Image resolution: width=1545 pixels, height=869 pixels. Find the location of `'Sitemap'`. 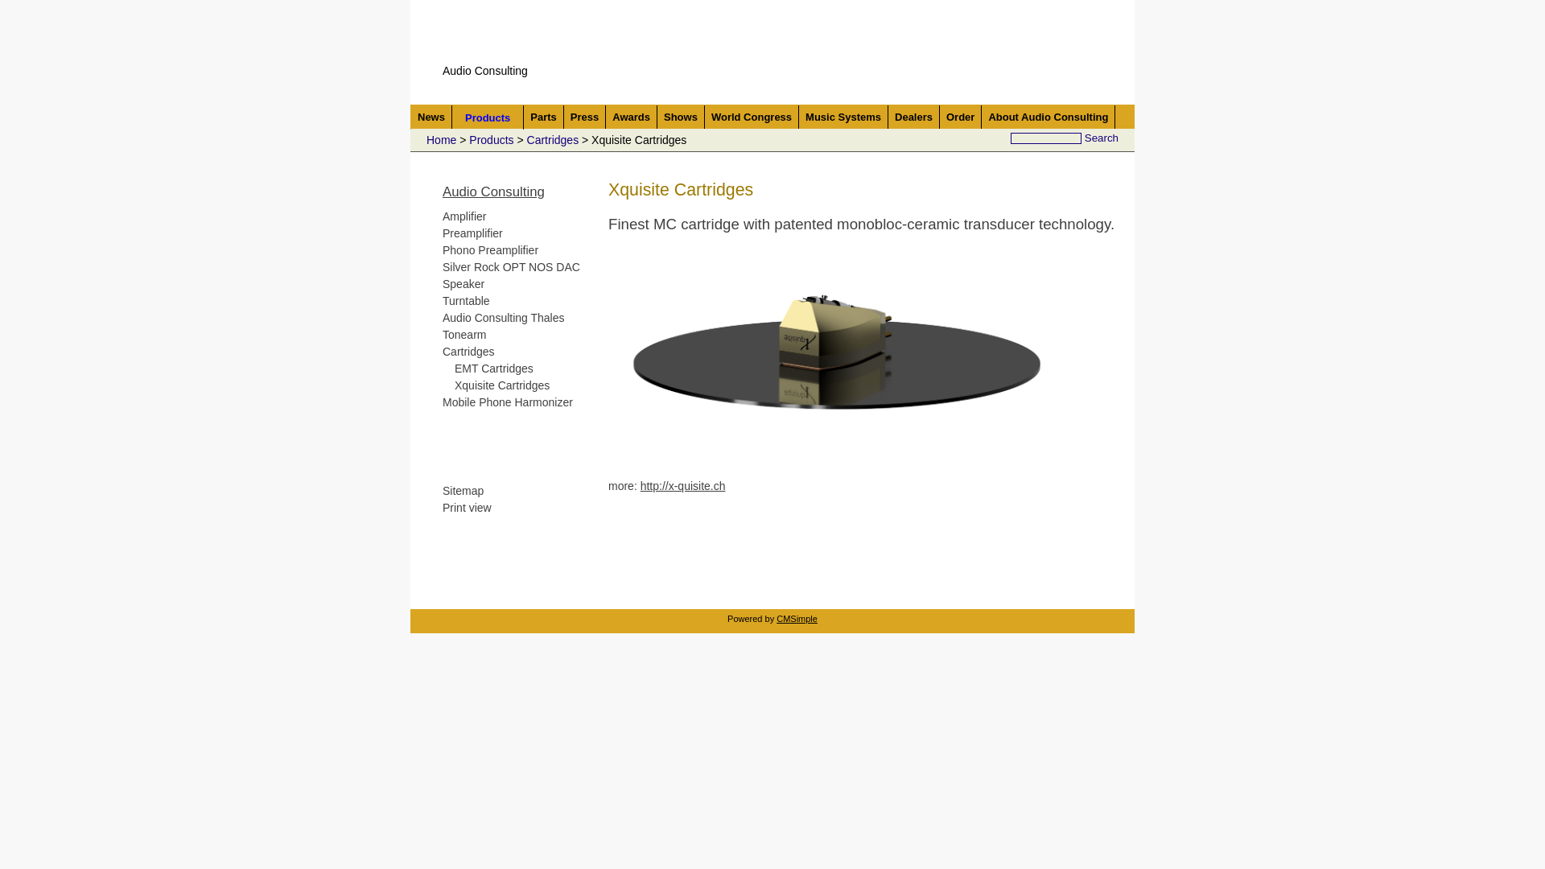

'Sitemap' is located at coordinates (462, 489).